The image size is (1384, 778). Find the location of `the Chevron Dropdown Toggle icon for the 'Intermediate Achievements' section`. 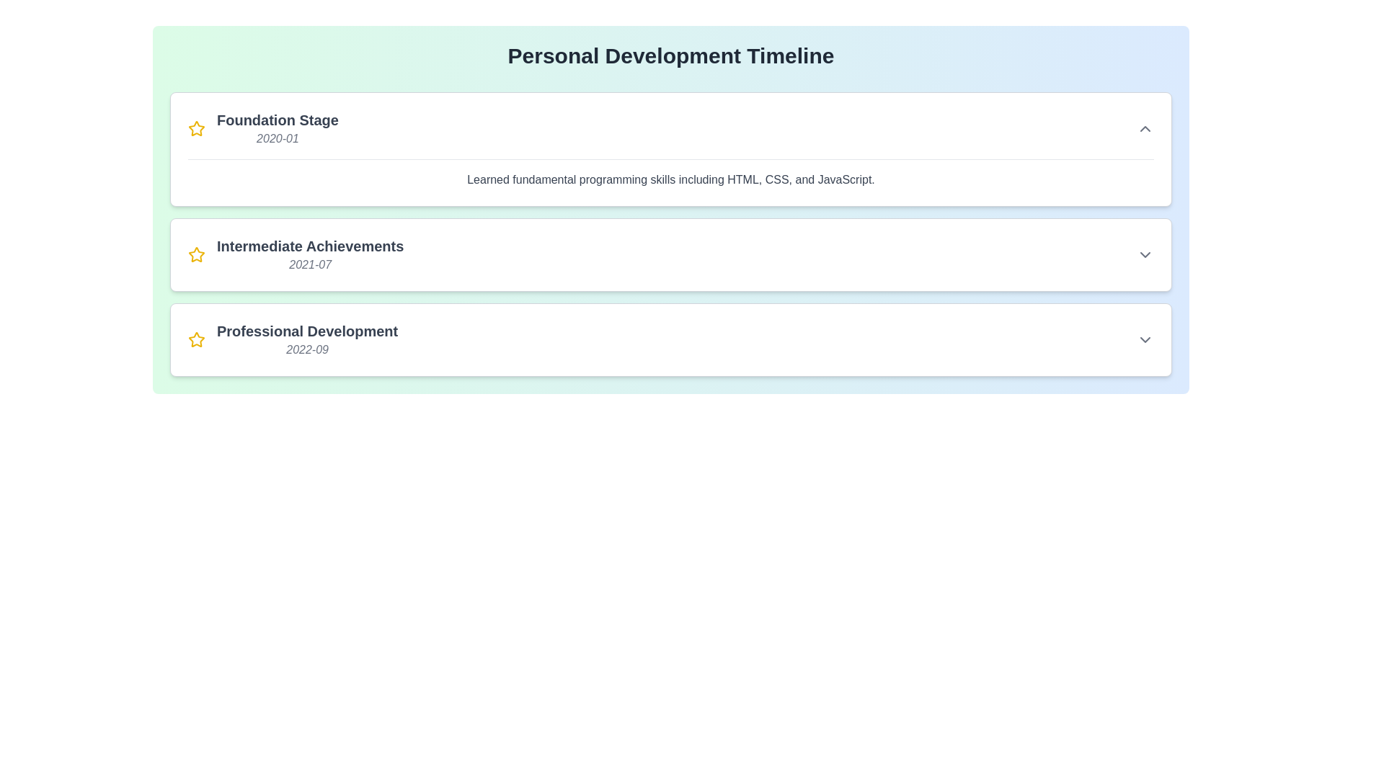

the Chevron Dropdown Toggle icon for the 'Intermediate Achievements' section is located at coordinates (1144, 254).